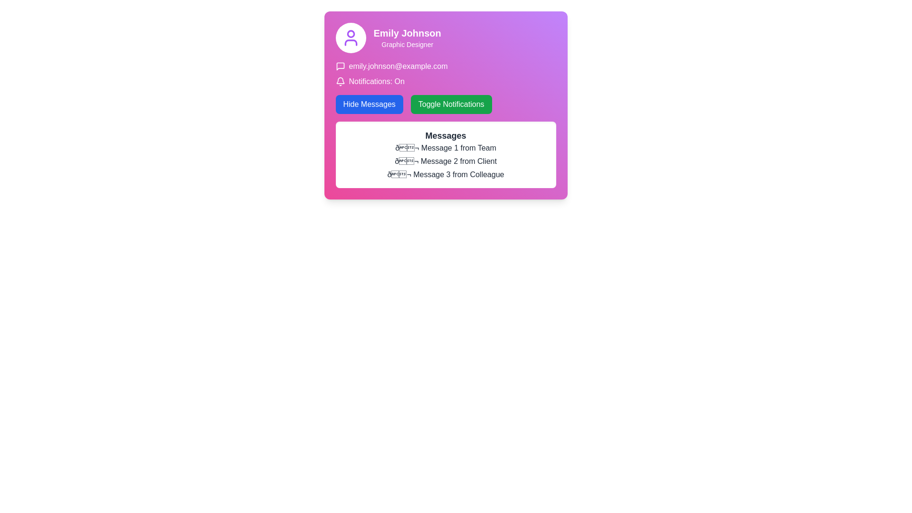 The height and width of the screenshot is (513, 912). Describe the element at coordinates (445, 66) in the screenshot. I see `the text label with the email 'emily.johnson@example.com' that features a speech bubble icon, located at the top of the lower section of the purple card layout` at that location.